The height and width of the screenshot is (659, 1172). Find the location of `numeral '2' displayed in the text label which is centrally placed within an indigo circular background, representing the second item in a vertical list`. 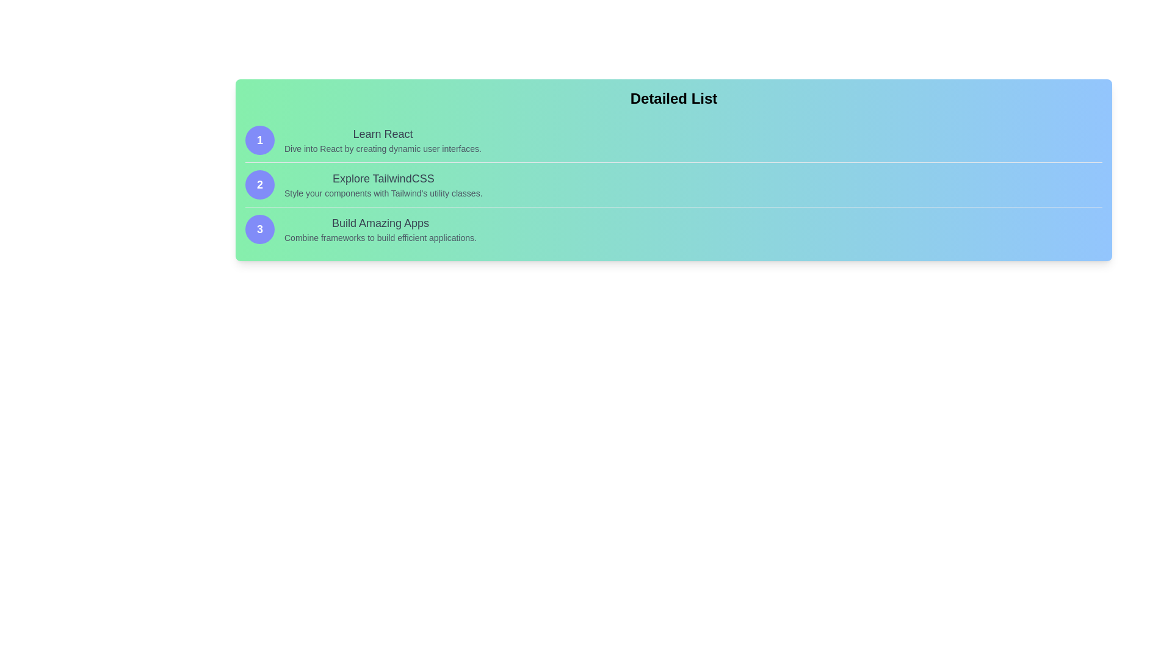

numeral '2' displayed in the text label which is centrally placed within an indigo circular background, representing the second item in a vertical list is located at coordinates (259, 185).